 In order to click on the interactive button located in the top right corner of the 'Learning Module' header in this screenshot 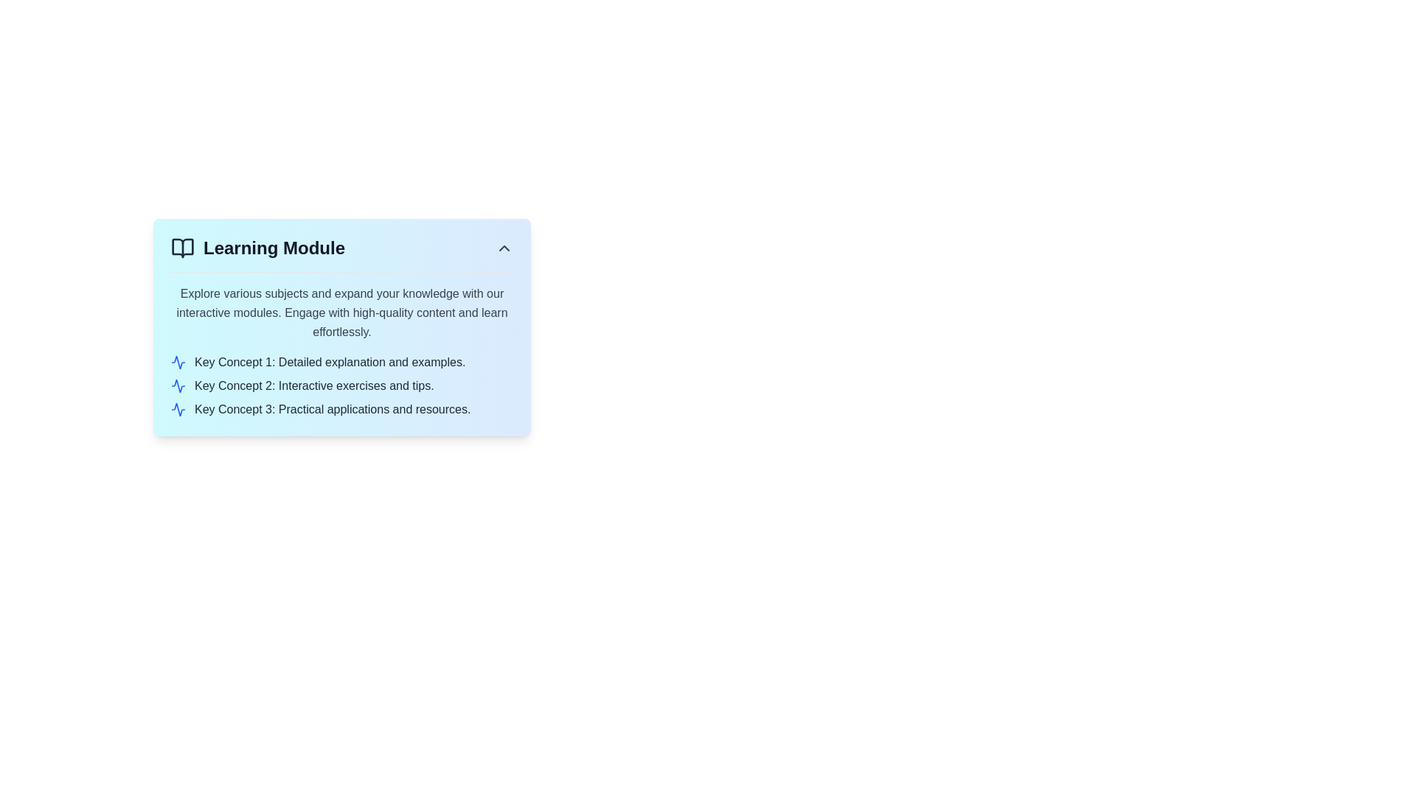, I will do `click(504, 247)`.